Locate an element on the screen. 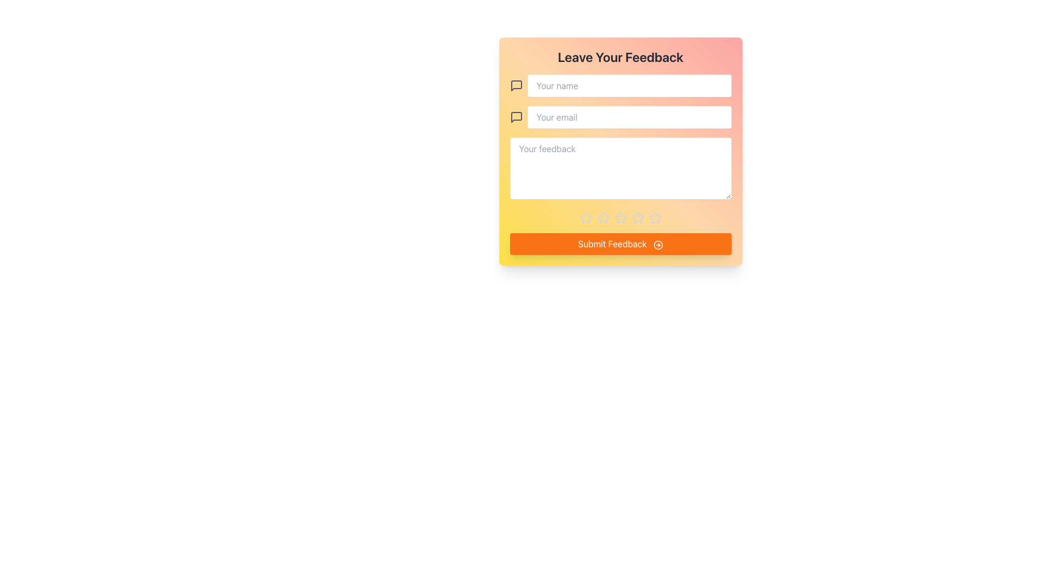 The height and width of the screenshot is (587, 1043). the first Rating Star Icon in the feedback section, which allows users to select a rating as part of the feedback system is located at coordinates (585, 218).